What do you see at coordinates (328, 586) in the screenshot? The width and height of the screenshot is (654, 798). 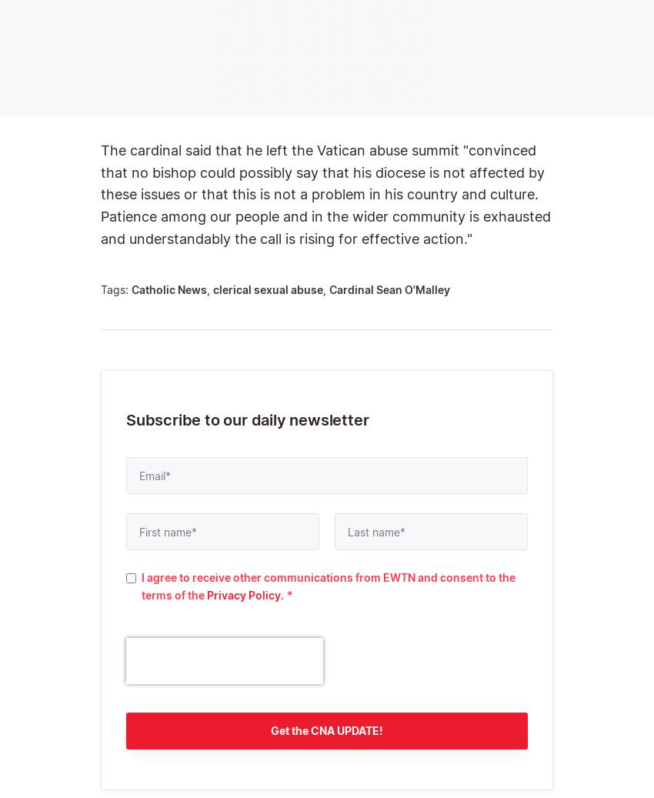 I see `'I agree to receive other communications from EWTN and consent to the terms of the'` at bounding box center [328, 586].